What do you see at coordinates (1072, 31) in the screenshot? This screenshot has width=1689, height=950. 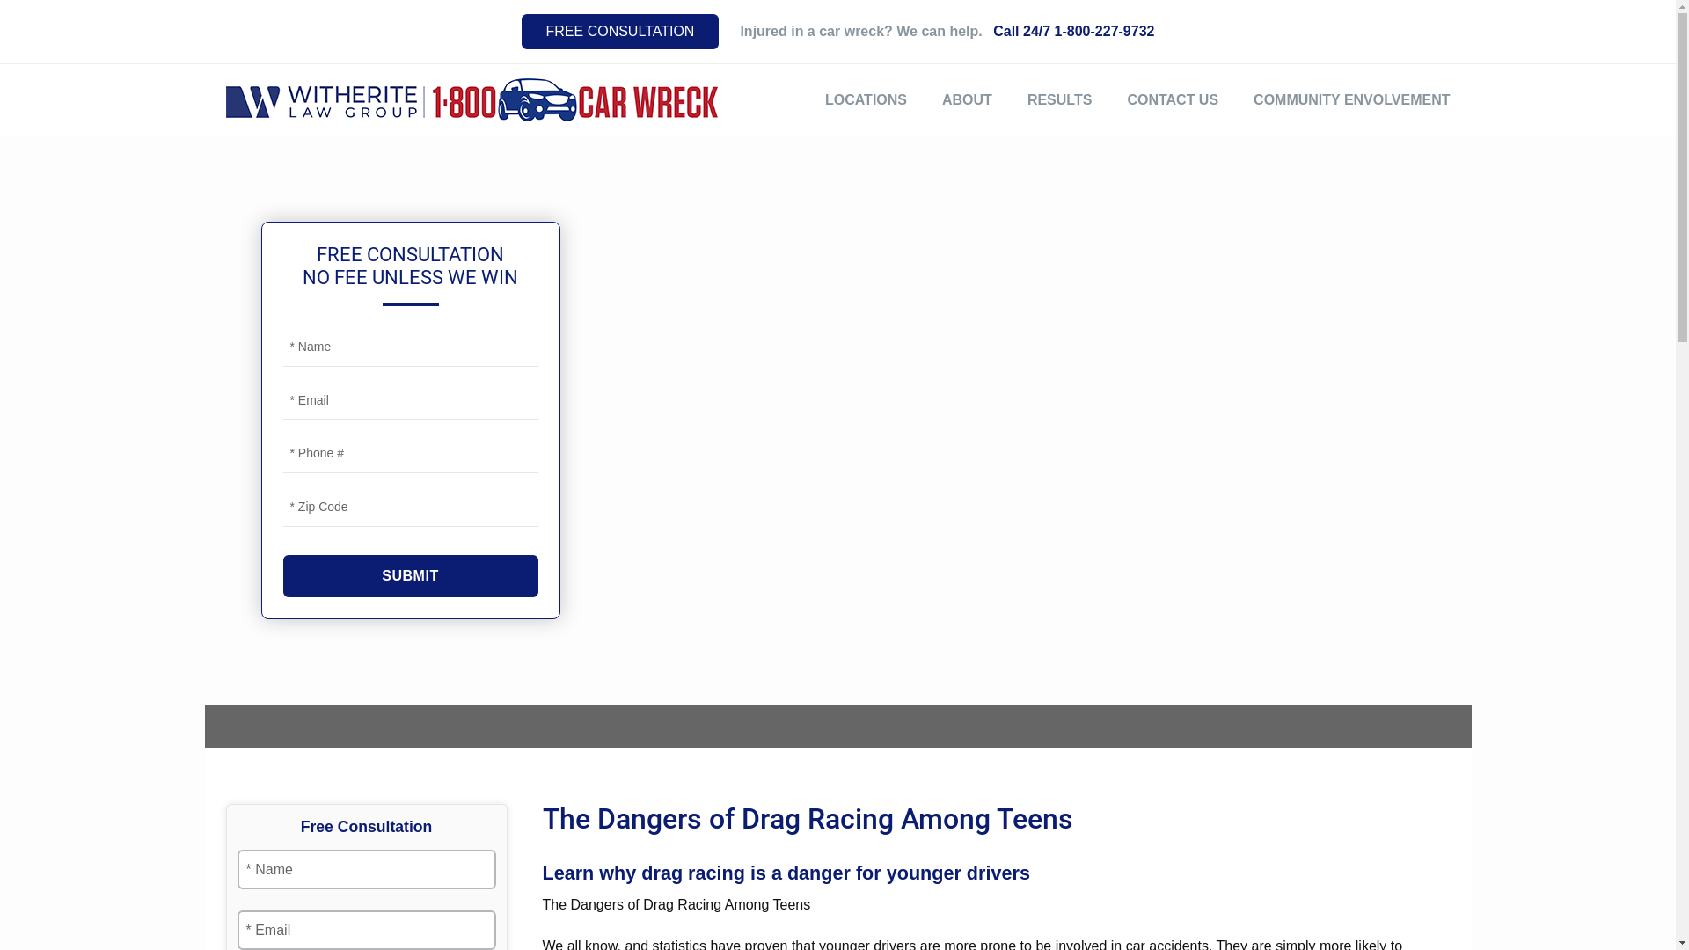 I see `'Call 24/7 1-800-227-9732'` at bounding box center [1072, 31].